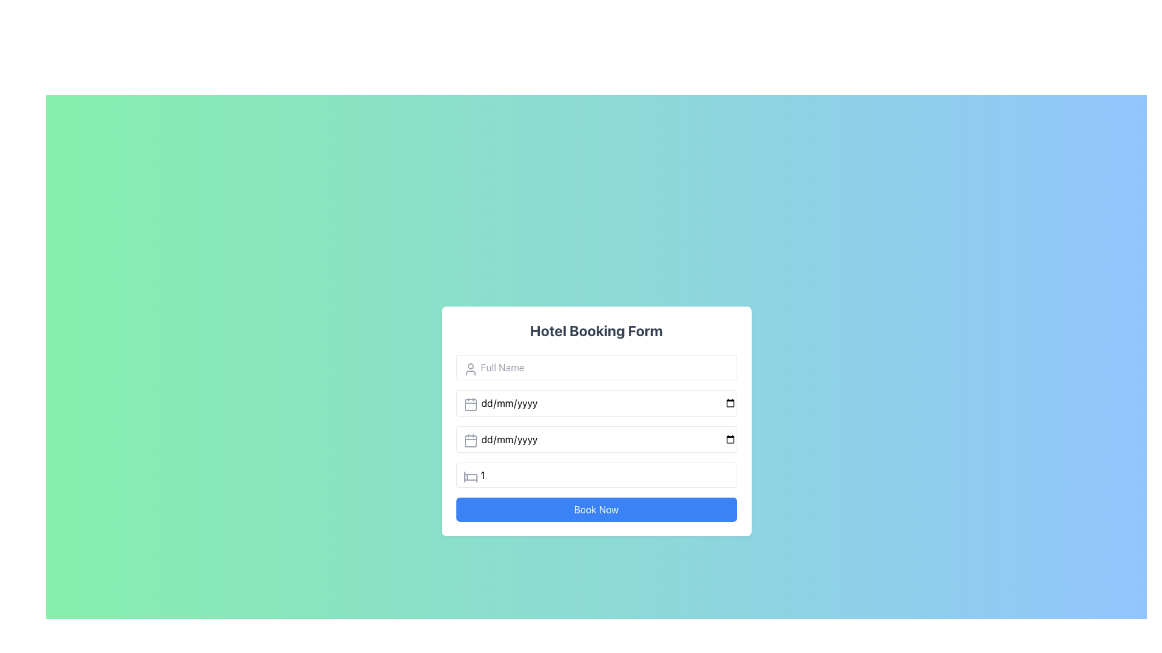 The image size is (1162, 653). What do you see at coordinates (470, 477) in the screenshot?
I see `the second horizontal line with rounded ends, which is part of a vector graphic icon, located horizontally centered within the form area of the webpage` at bounding box center [470, 477].